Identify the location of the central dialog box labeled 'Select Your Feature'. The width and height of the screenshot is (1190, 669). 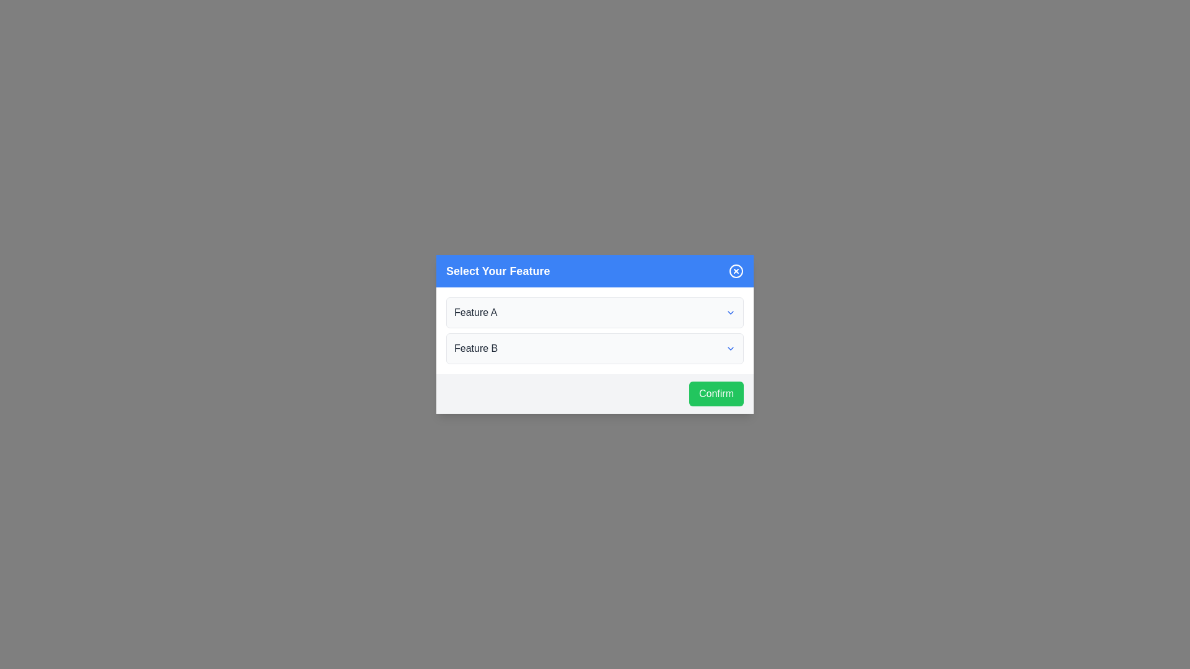
(595, 334).